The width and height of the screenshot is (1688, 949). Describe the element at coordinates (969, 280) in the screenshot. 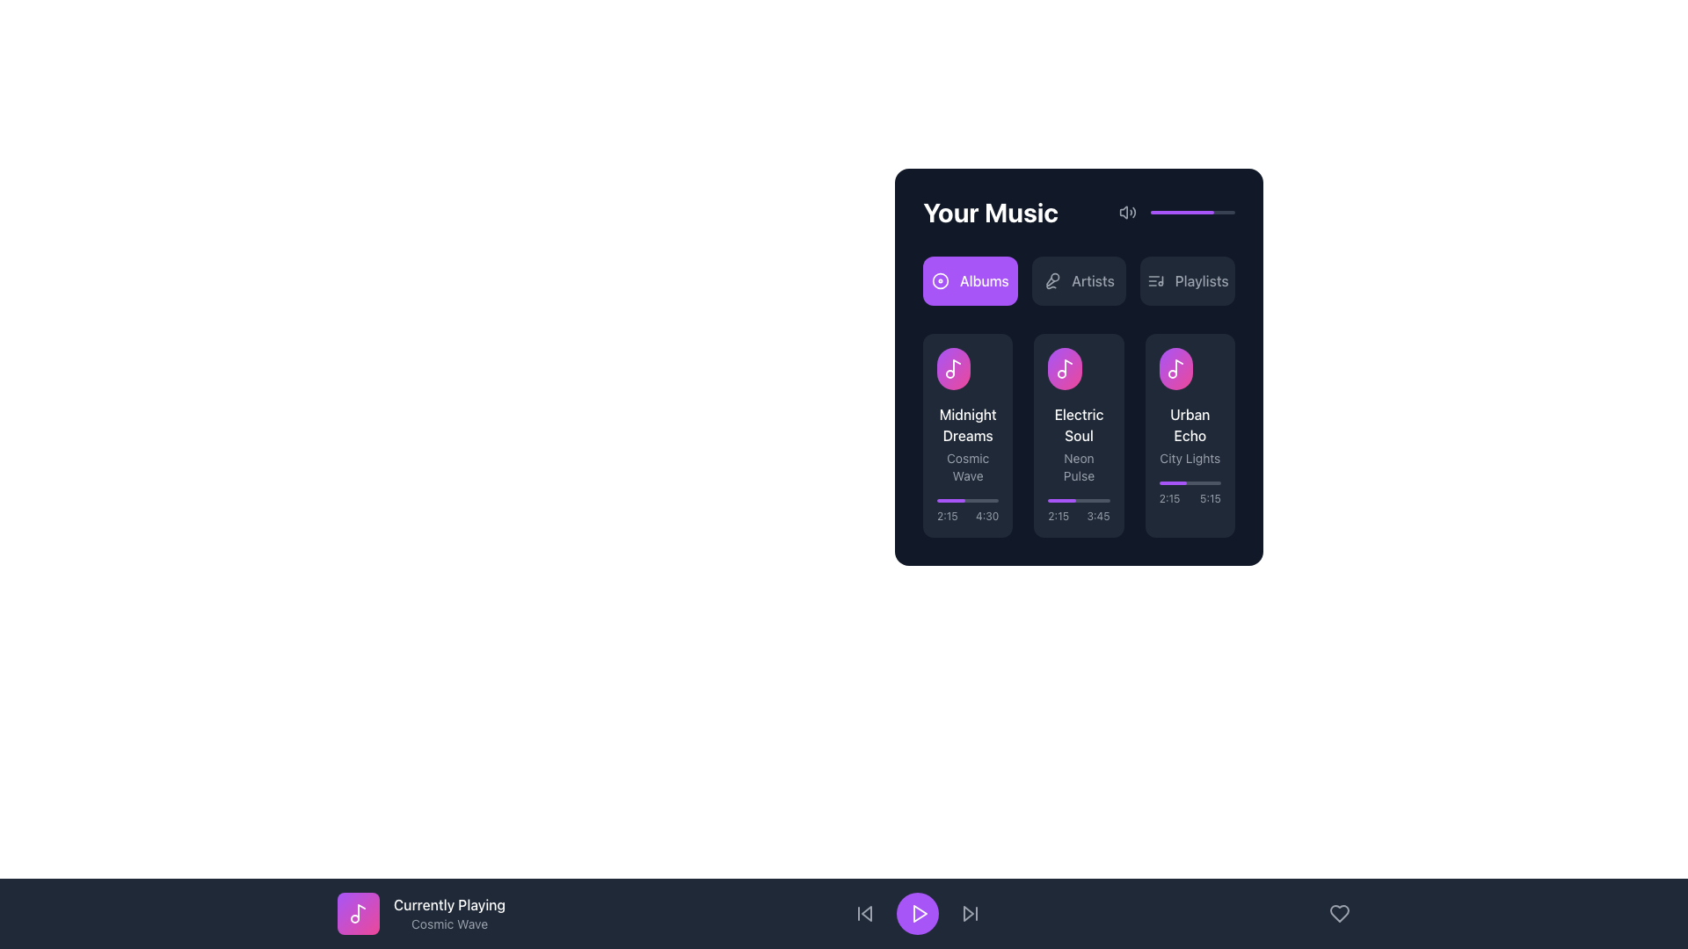

I see `the purple 'Albums' button with white text and an icon` at that location.